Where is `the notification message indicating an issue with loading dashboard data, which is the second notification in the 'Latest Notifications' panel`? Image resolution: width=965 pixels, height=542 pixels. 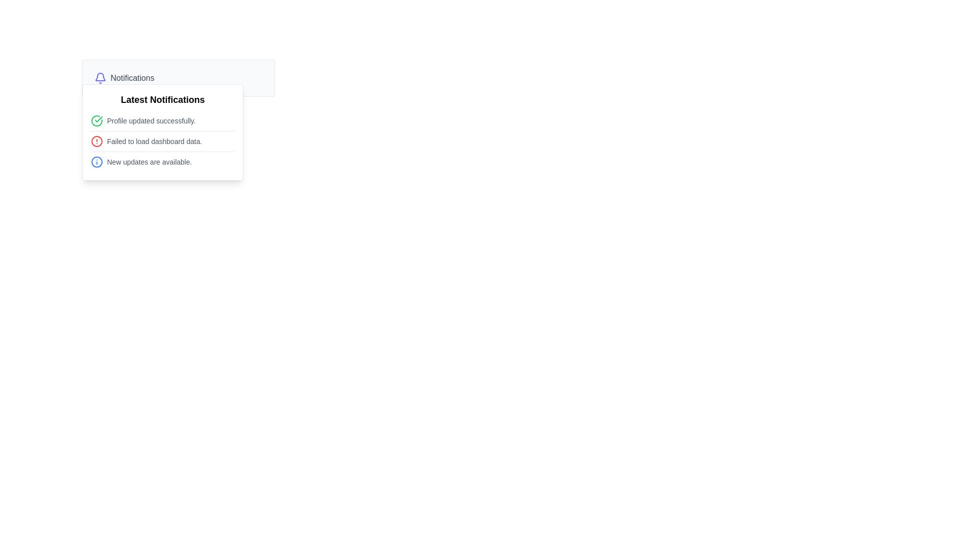 the notification message indicating an issue with loading dashboard data, which is the second notification in the 'Latest Notifications' panel is located at coordinates (154, 141).